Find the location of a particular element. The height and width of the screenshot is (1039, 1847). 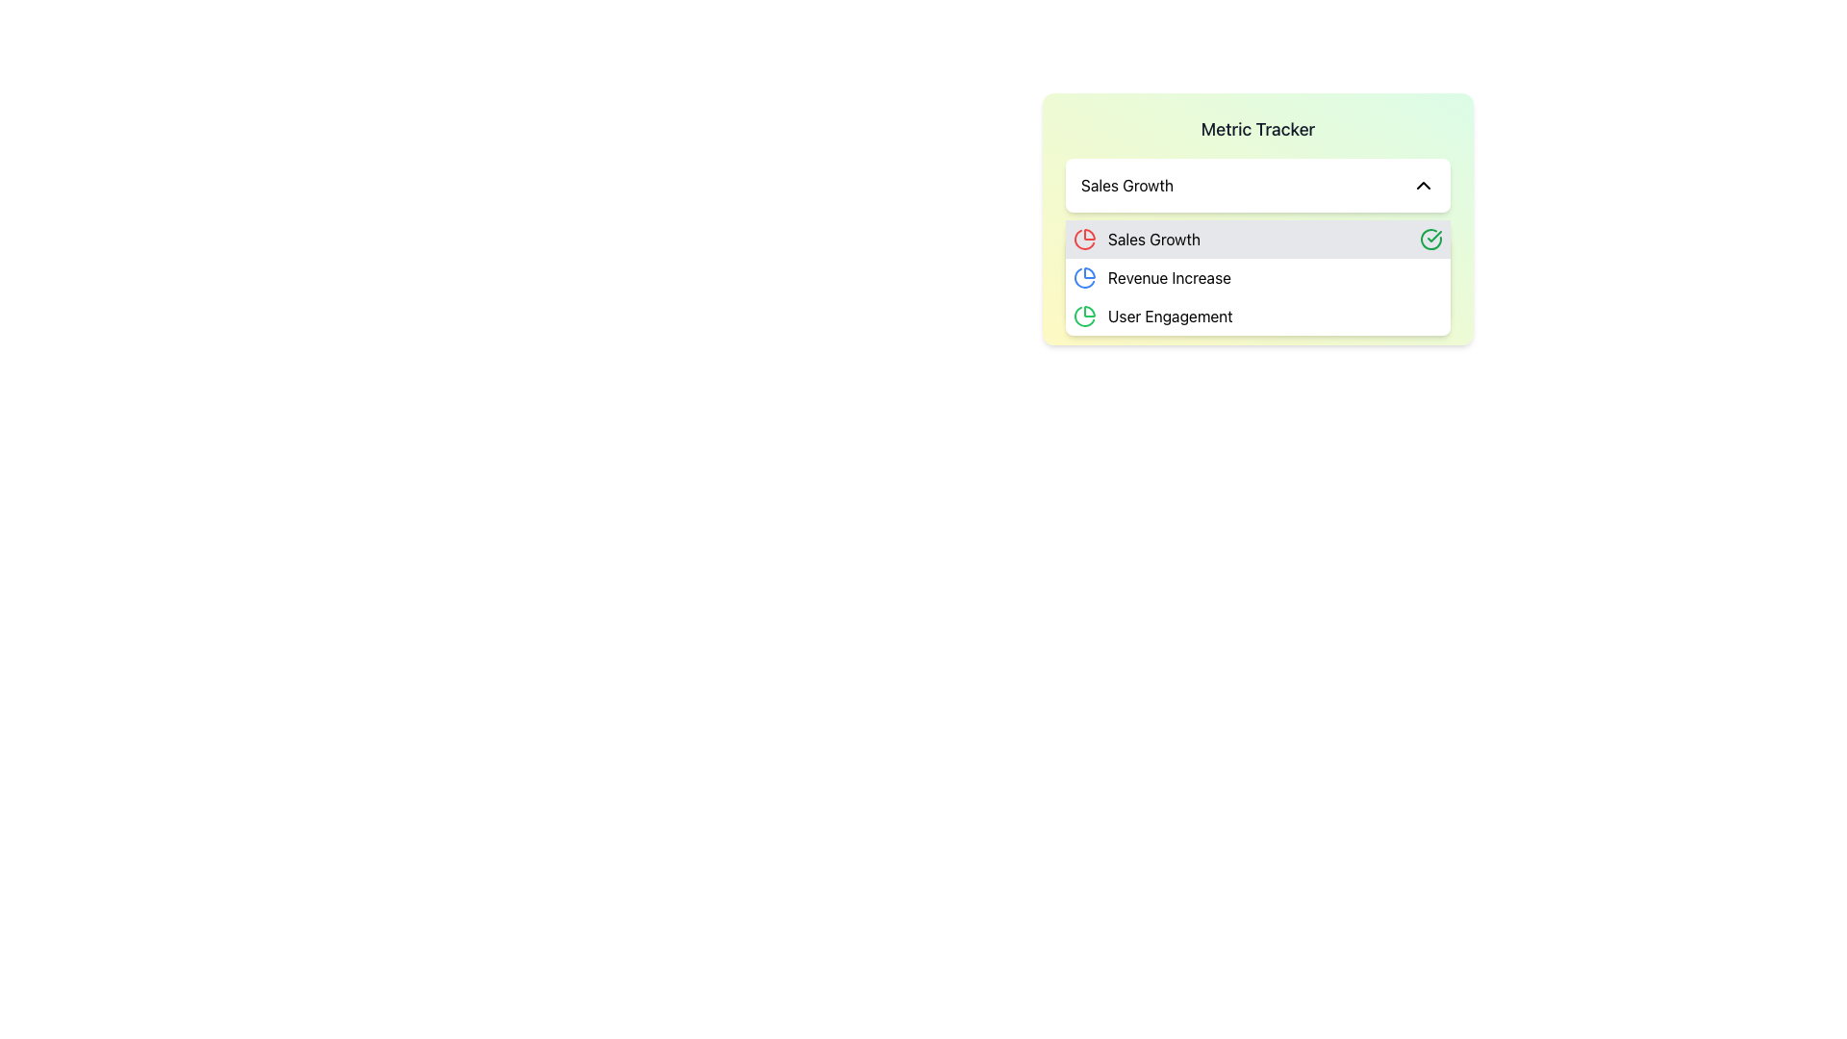

the text label displaying 'User Engagement' in the dropdown menu under 'Metric Tracker' is located at coordinates (1169, 315).